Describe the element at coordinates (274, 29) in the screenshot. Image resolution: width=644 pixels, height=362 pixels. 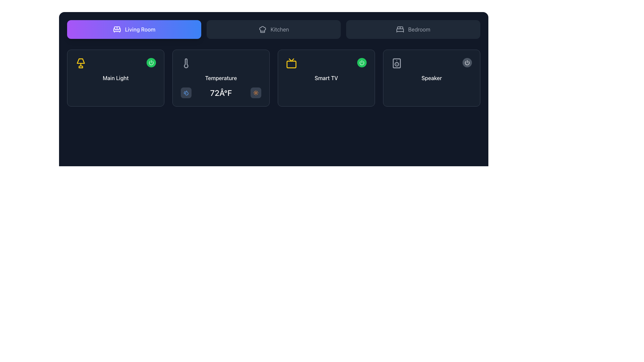
I see `the 'Kitchen' card in the interactive selection section` at that location.